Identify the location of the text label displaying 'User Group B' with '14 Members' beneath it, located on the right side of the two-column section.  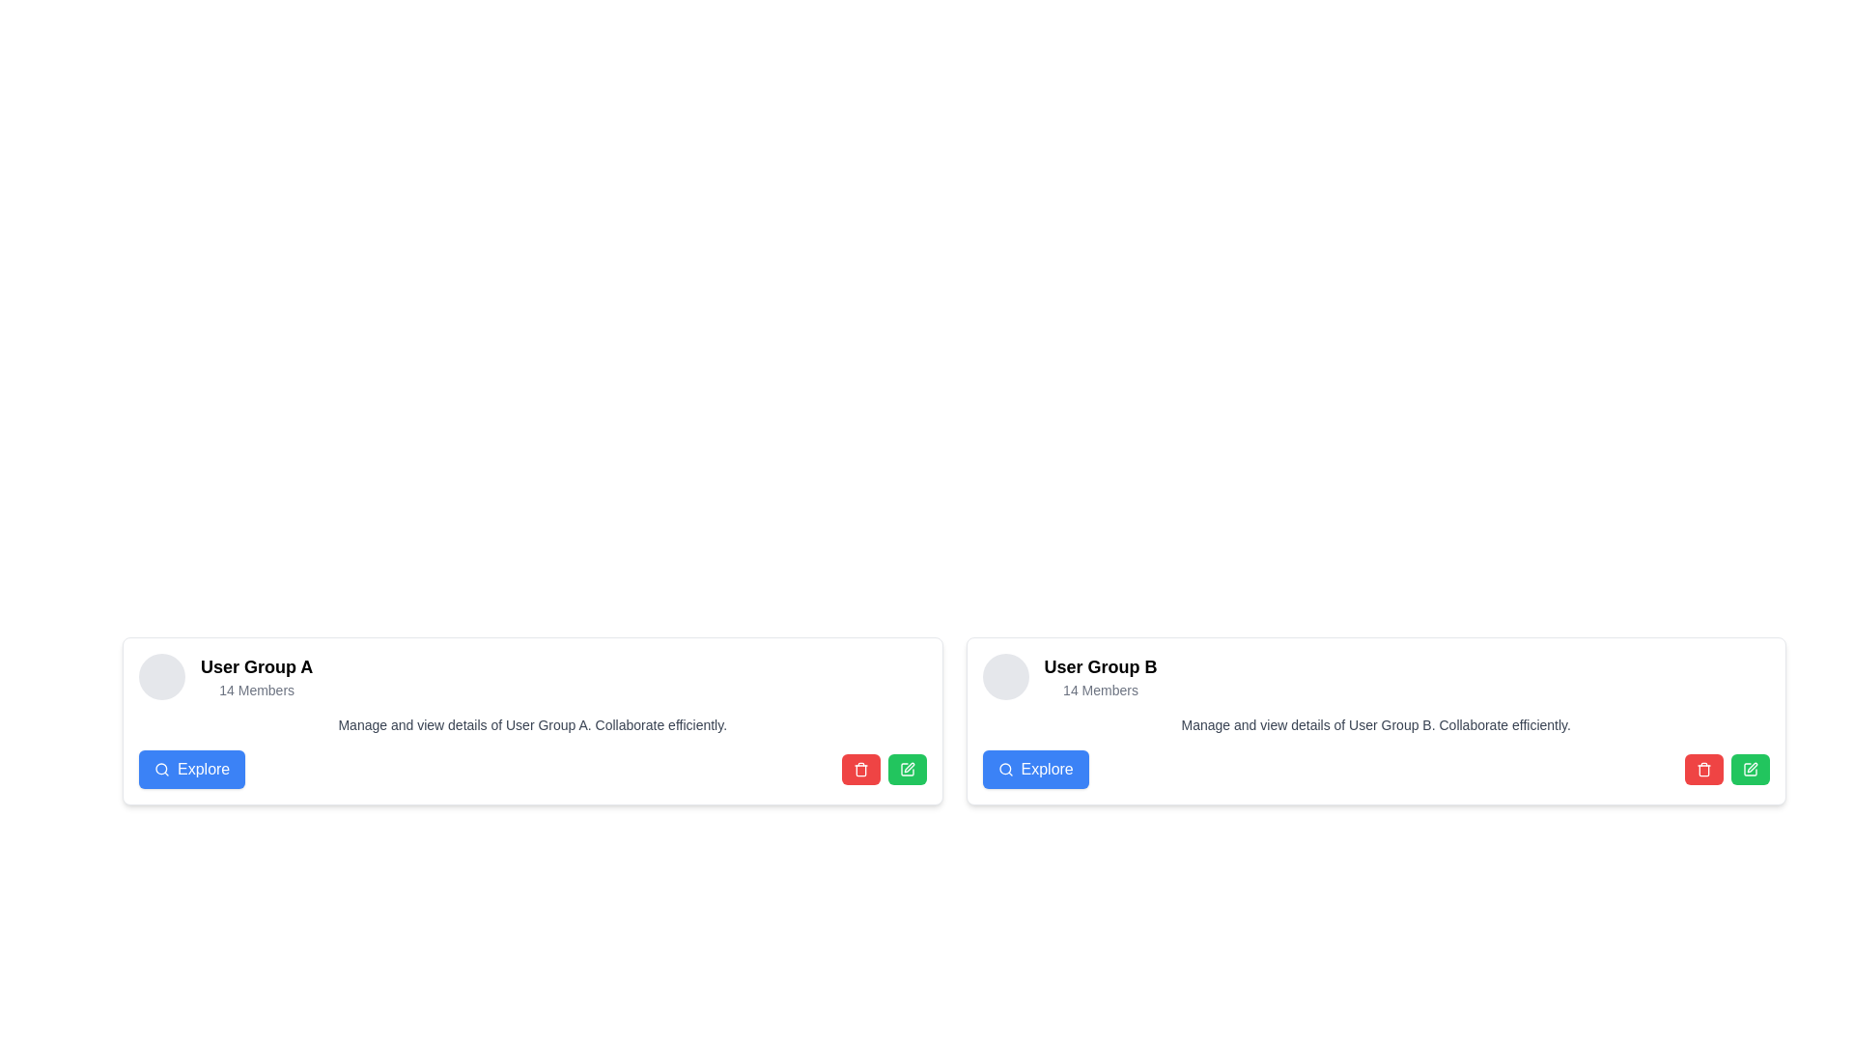
(1101, 676).